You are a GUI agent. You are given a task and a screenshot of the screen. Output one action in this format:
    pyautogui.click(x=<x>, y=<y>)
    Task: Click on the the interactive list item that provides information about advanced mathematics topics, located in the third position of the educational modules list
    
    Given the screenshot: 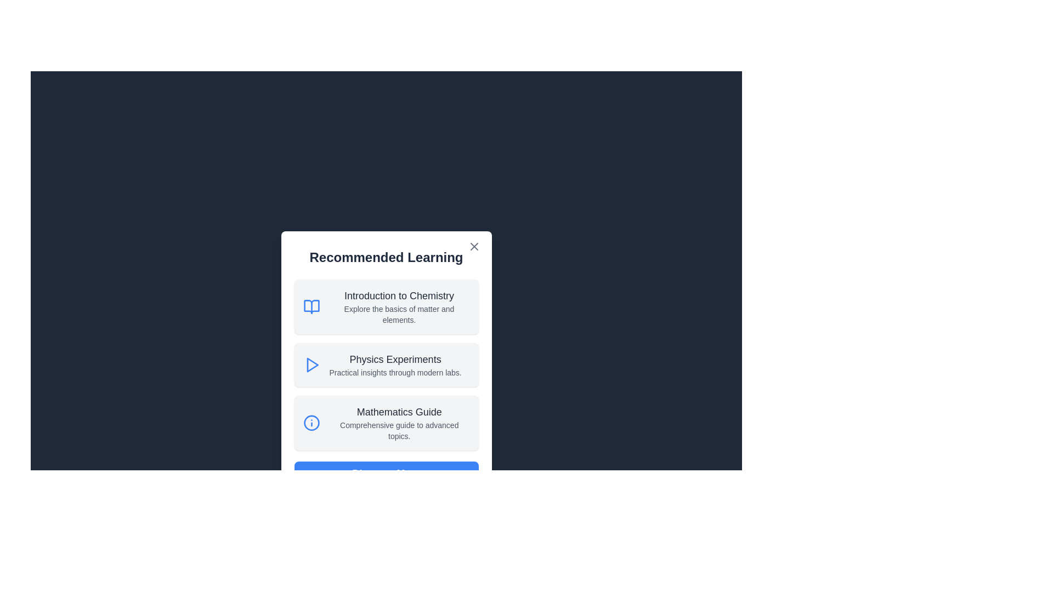 What is the action you would take?
    pyautogui.click(x=386, y=422)
    